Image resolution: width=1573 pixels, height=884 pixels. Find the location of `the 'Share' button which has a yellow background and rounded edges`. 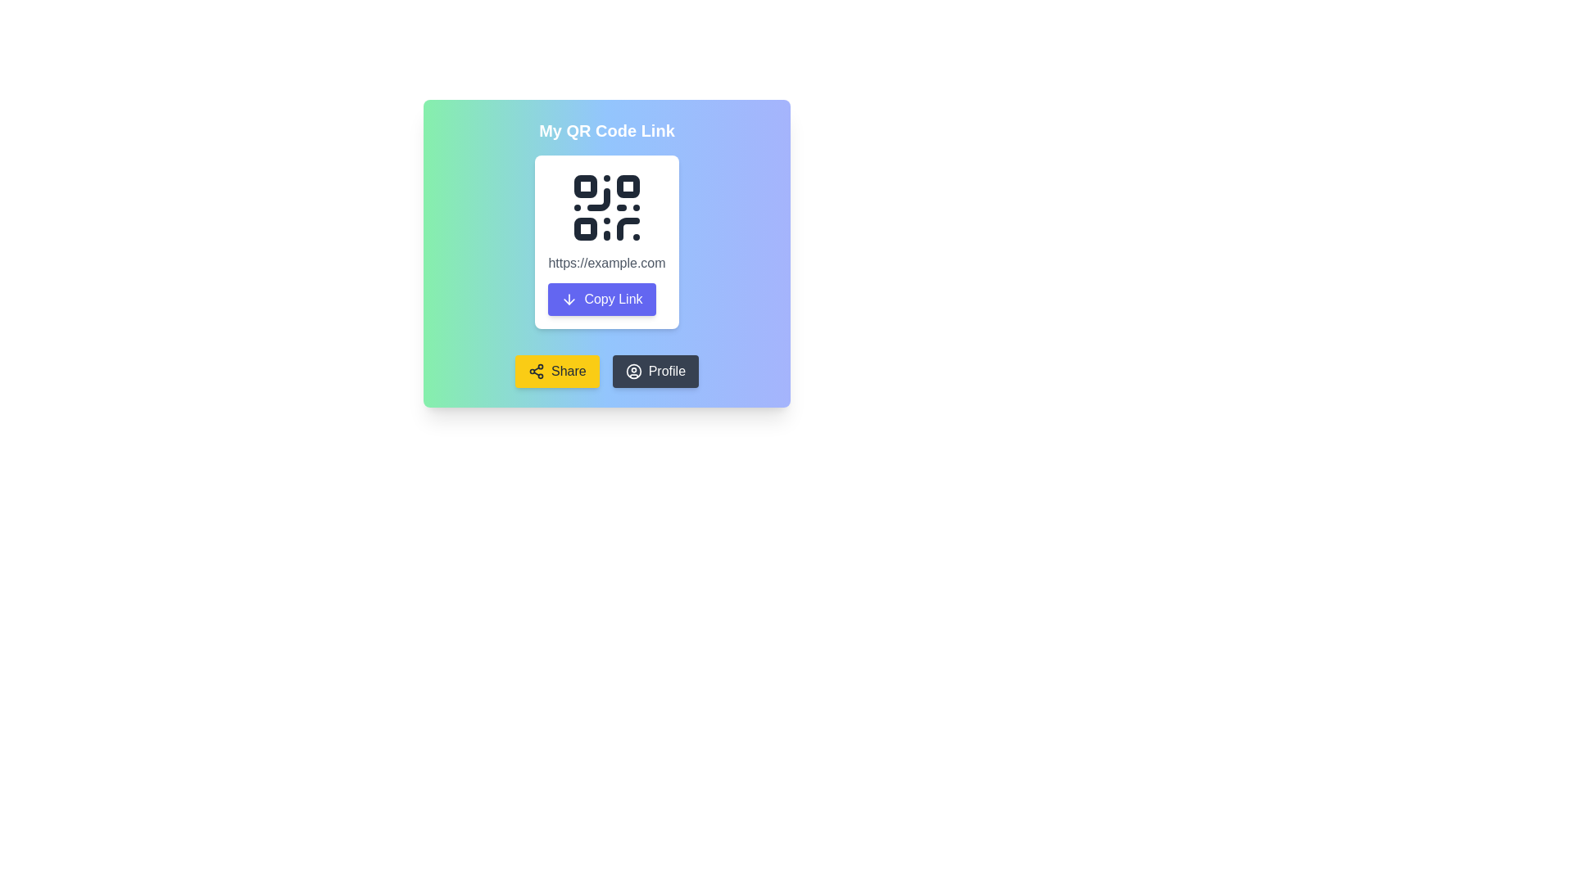

the 'Share' button which has a yellow background and rounded edges is located at coordinates (557, 372).